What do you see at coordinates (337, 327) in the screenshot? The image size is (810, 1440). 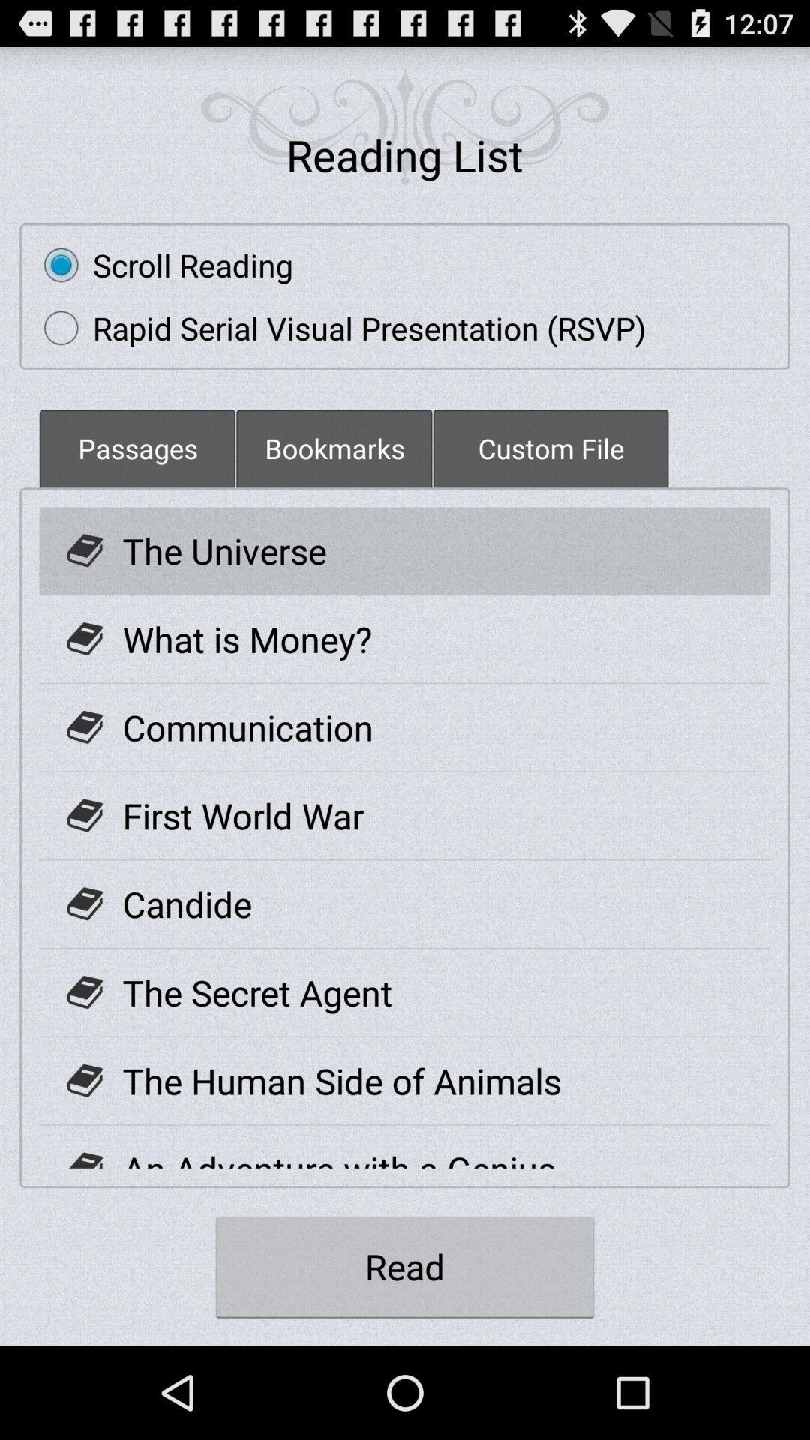 I see `item below scroll reading icon` at bounding box center [337, 327].